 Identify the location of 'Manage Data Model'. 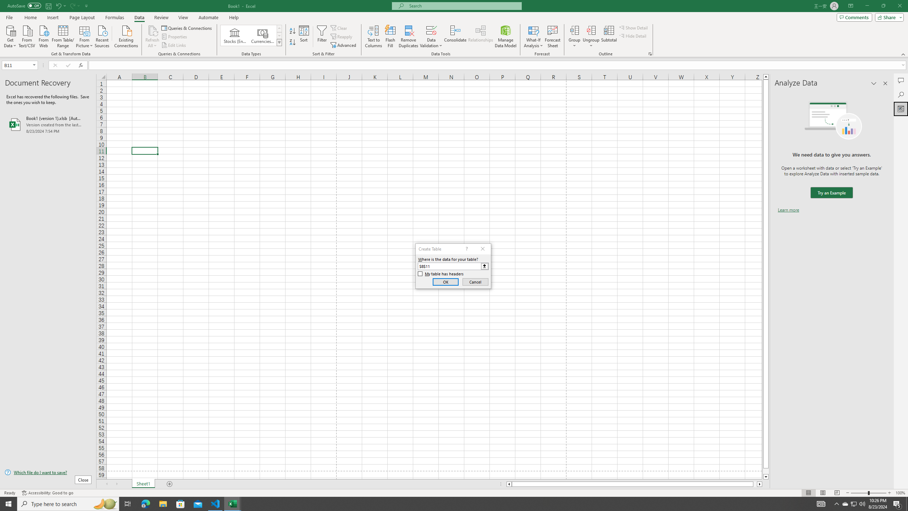
(505, 37).